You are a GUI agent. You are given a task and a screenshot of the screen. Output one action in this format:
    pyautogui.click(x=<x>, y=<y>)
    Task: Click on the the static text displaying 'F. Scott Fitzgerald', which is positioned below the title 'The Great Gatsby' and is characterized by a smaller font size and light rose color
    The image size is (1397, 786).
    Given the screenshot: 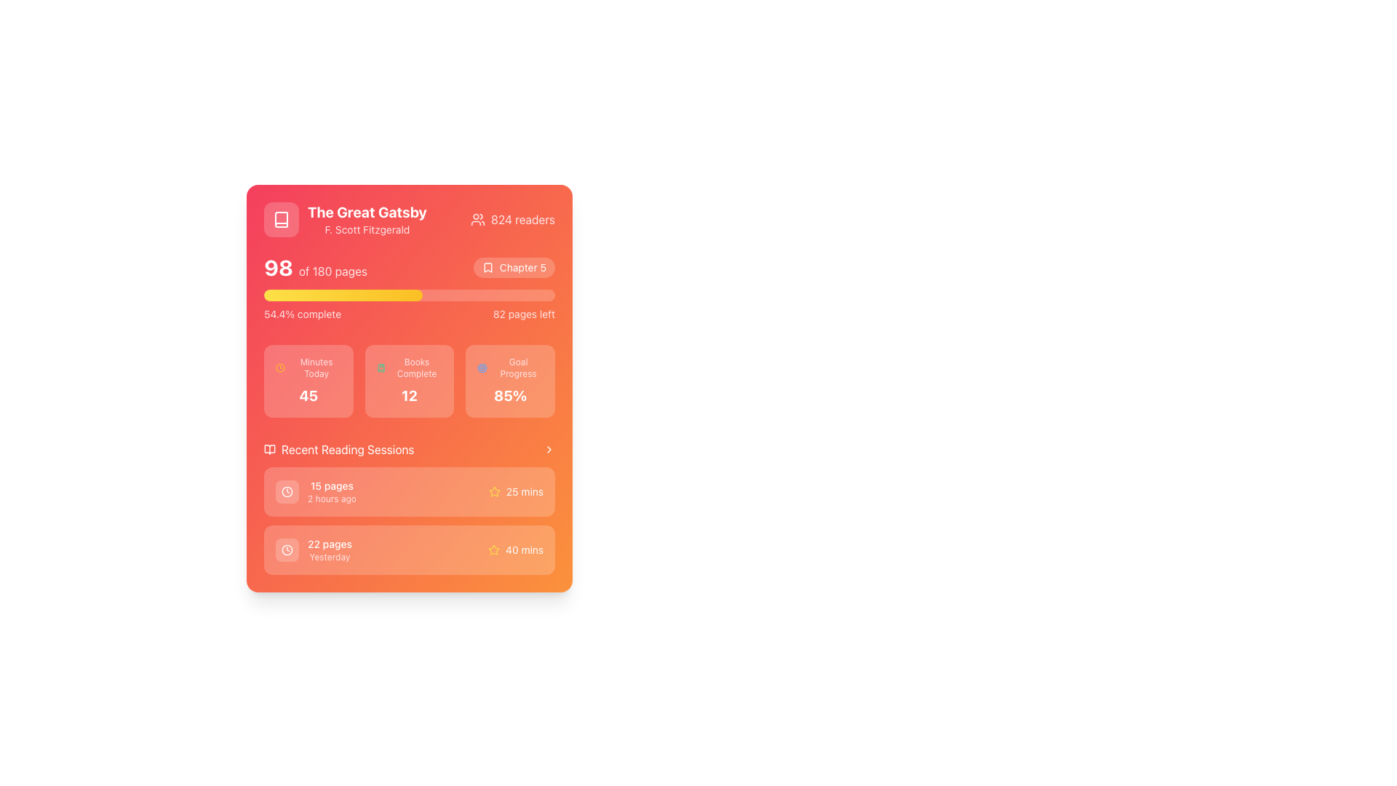 What is the action you would take?
    pyautogui.click(x=367, y=229)
    